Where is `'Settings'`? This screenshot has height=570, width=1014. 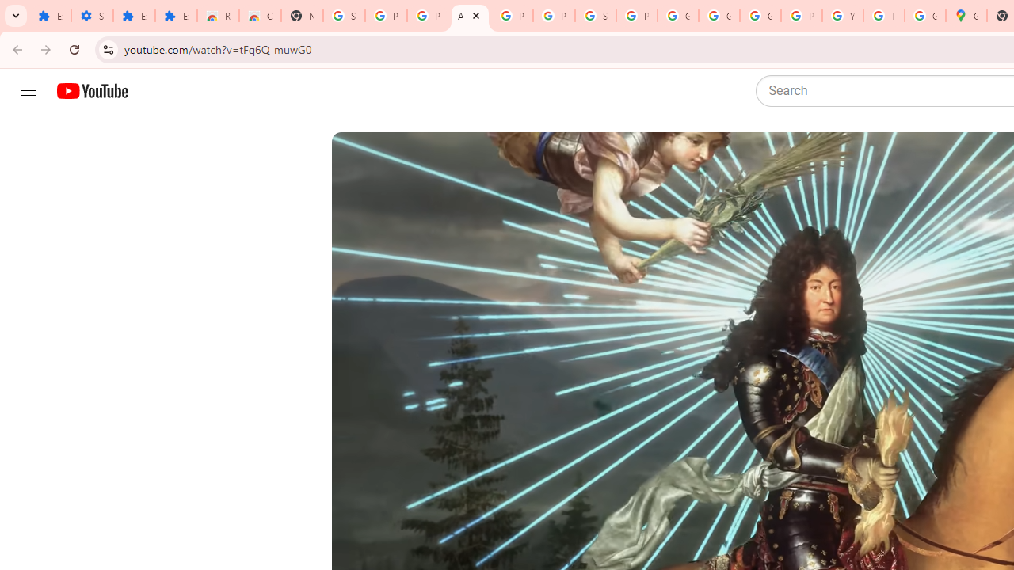 'Settings' is located at coordinates (91, 16).